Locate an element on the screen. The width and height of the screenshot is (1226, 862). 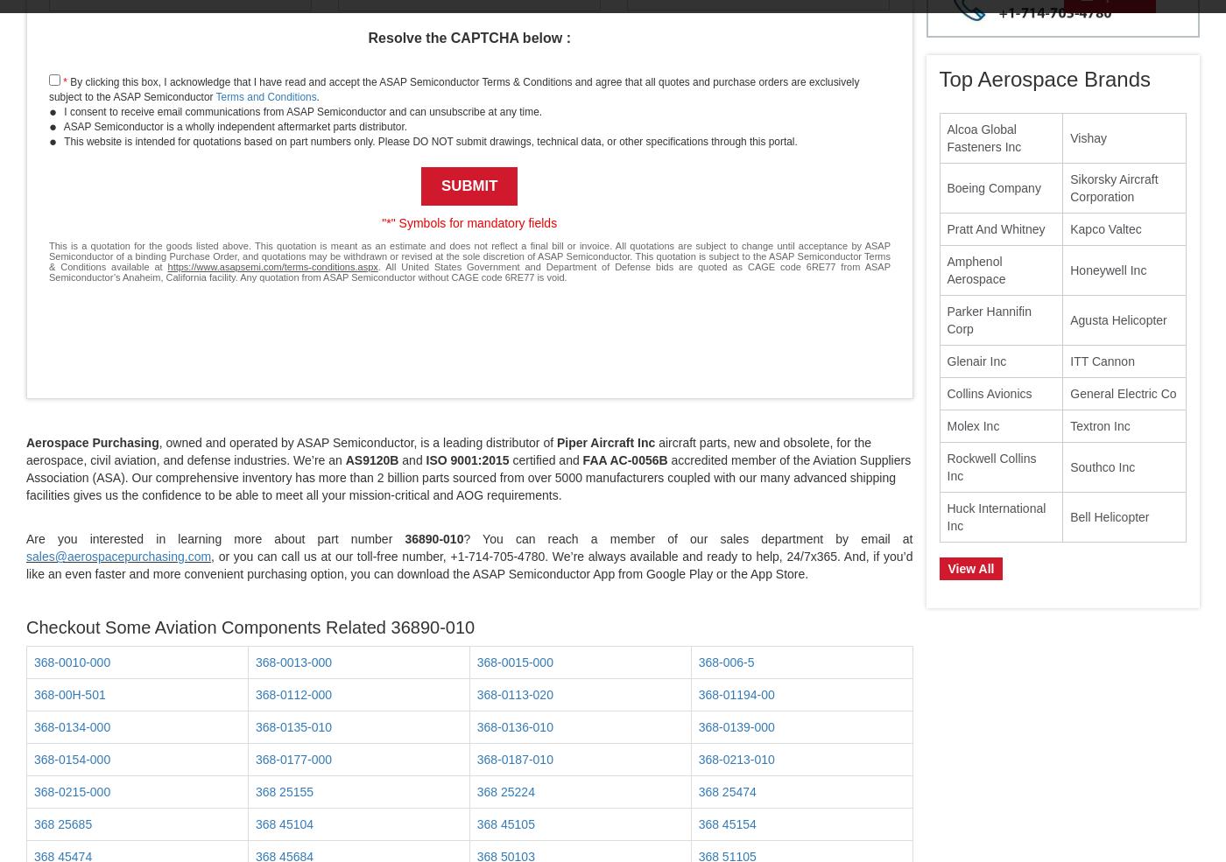
'368-0013-000' is located at coordinates (293, 662).